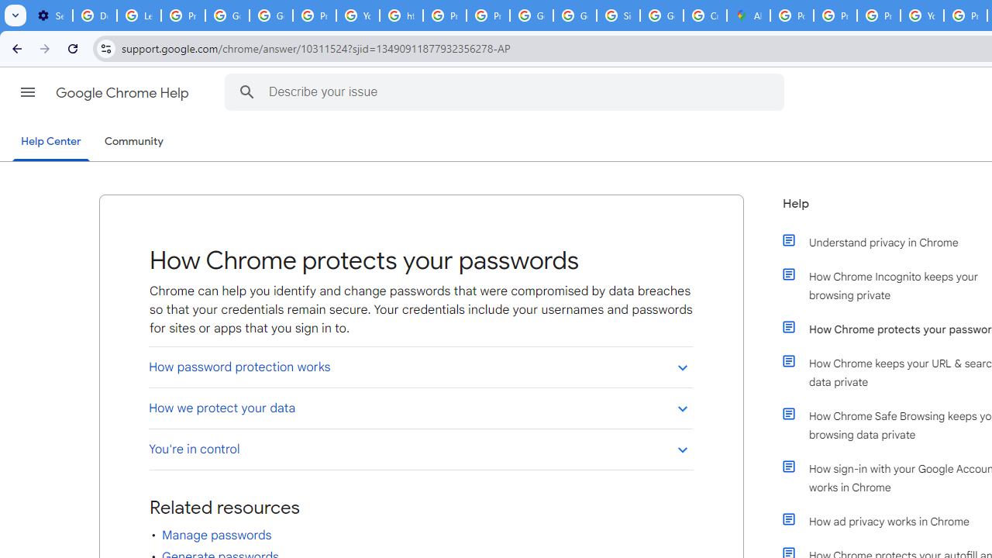 The height and width of the screenshot is (558, 992). I want to click on 'Search Help Center', so click(246, 91).